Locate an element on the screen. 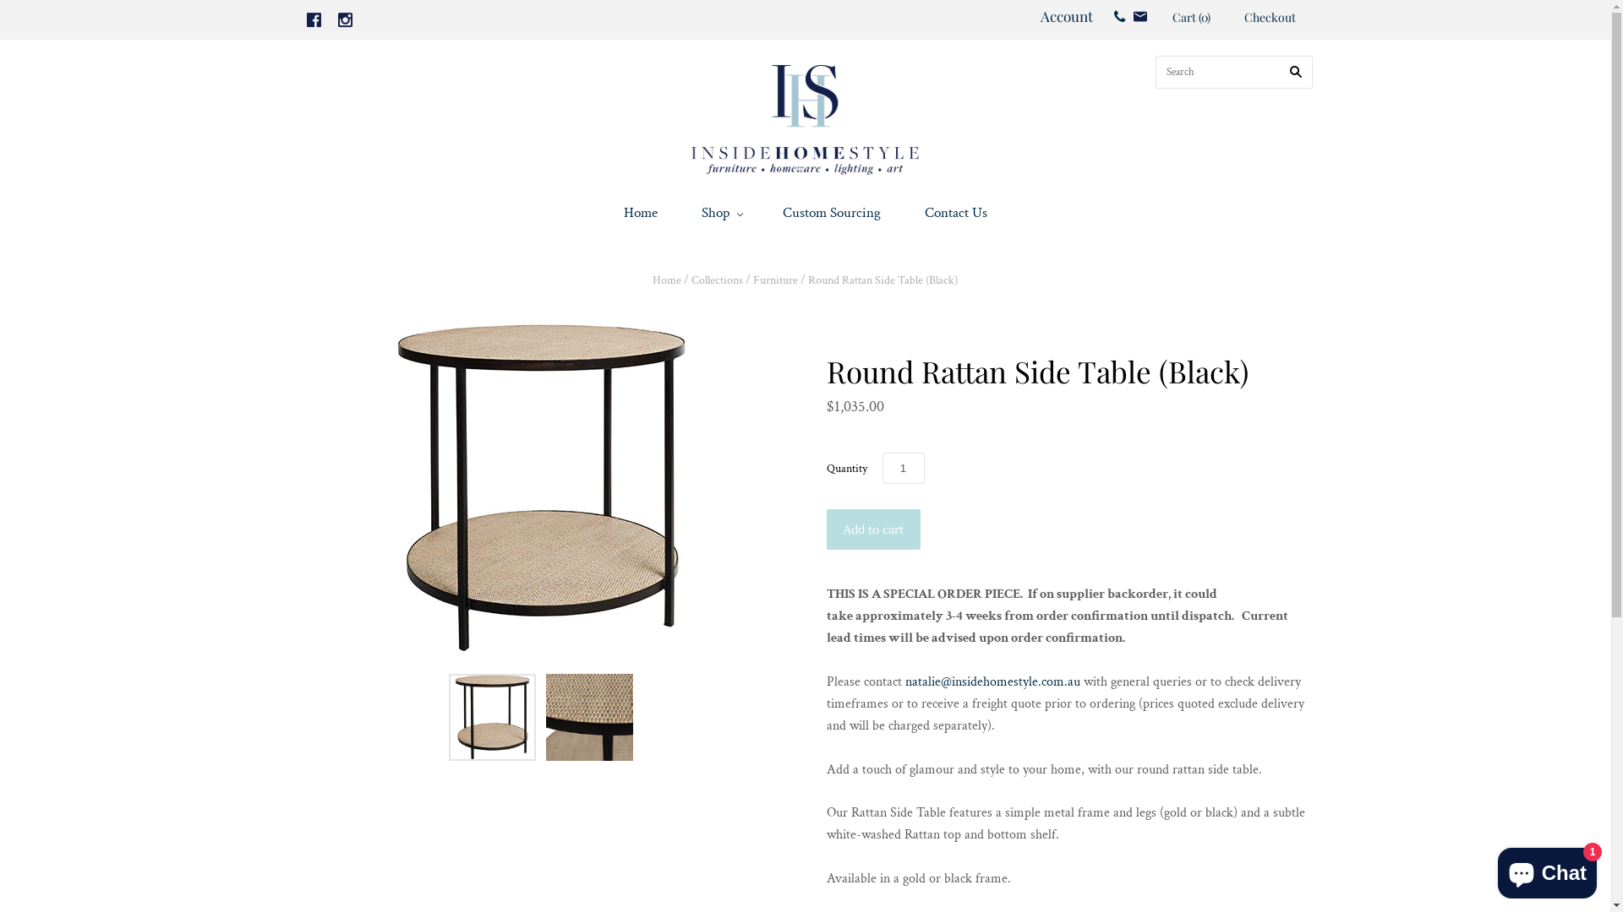  'Custom Sourcing' is located at coordinates (831, 212).